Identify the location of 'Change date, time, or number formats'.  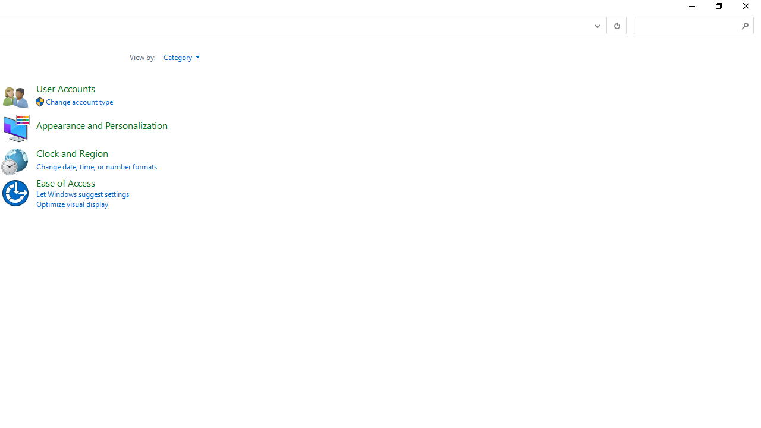
(96, 166).